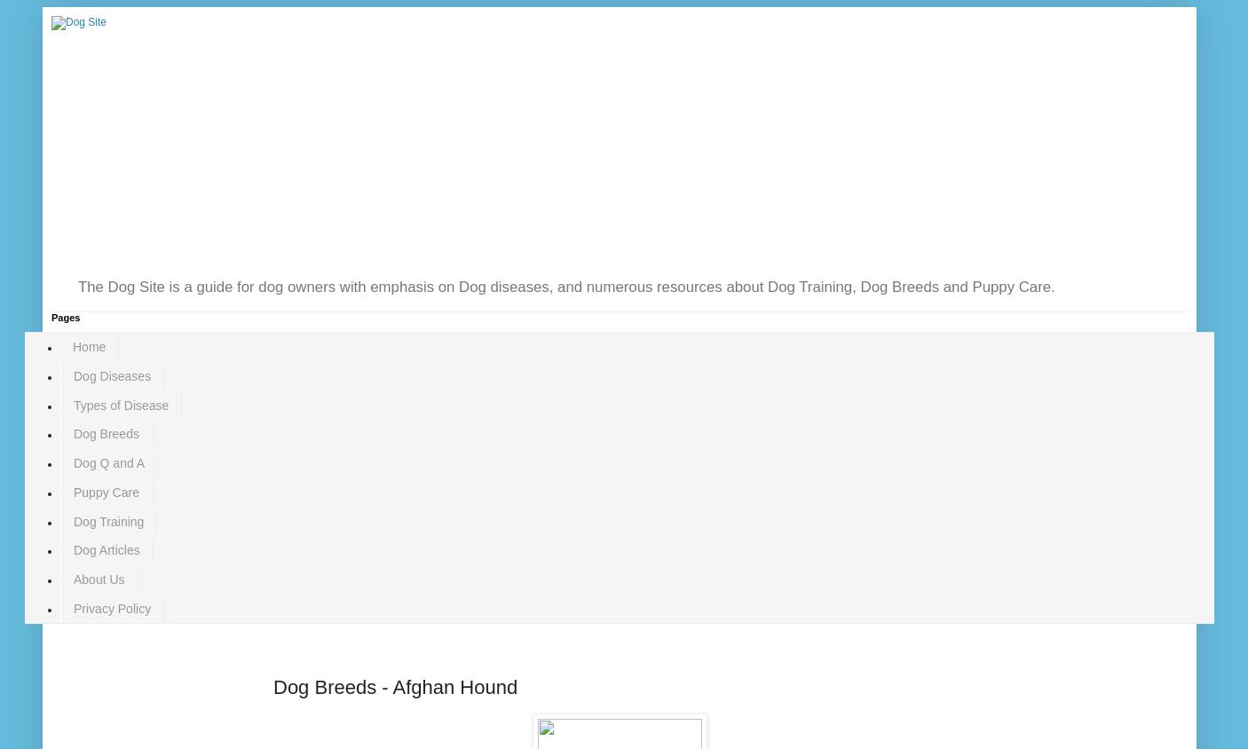 The image size is (1248, 749). What do you see at coordinates (121, 404) in the screenshot?
I see `'Types of Disease'` at bounding box center [121, 404].